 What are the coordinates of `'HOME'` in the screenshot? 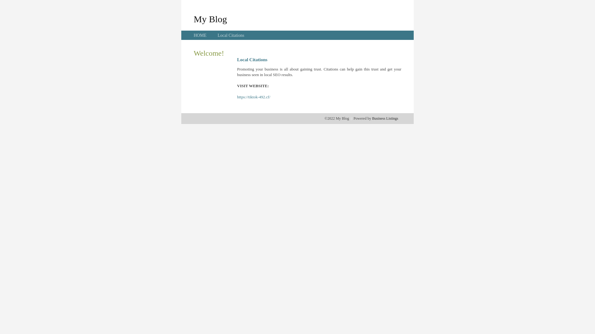 It's located at (200, 35).